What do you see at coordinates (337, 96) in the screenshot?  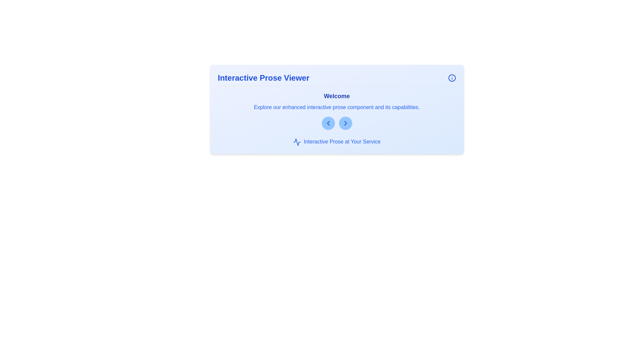 I see `the Text label that serves as a greeting and introduces the contents of the interactive prose viewer` at bounding box center [337, 96].